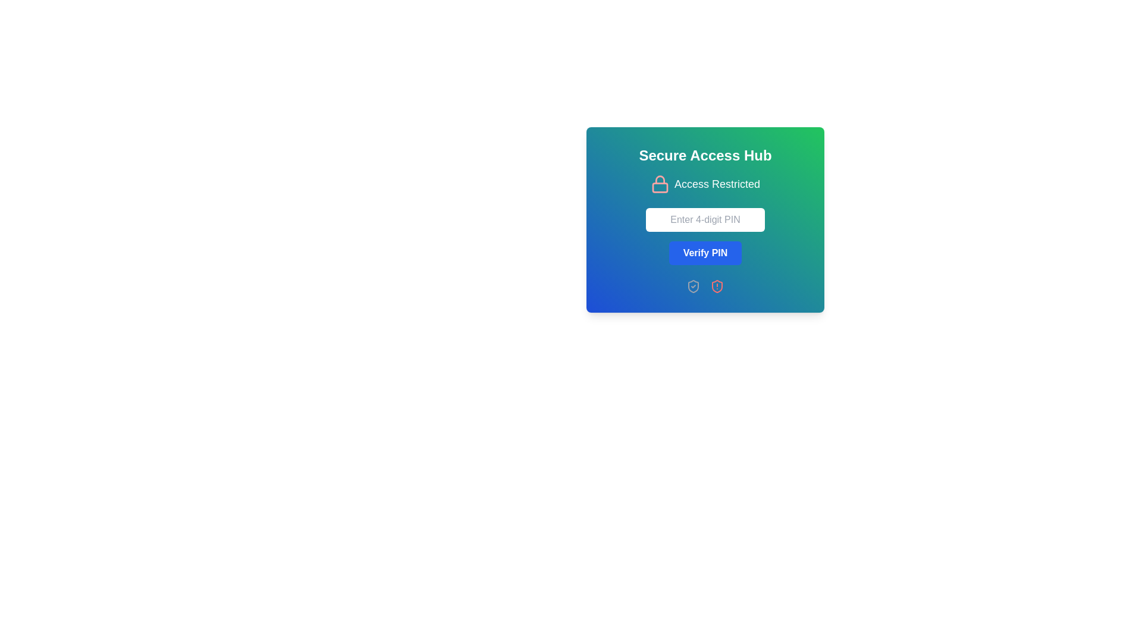 The image size is (1142, 642). Describe the element at coordinates (716, 287) in the screenshot. I see `the red-highlighted shield icon located beneath the 'Verify PIN' button in the security-related interface` at that location.